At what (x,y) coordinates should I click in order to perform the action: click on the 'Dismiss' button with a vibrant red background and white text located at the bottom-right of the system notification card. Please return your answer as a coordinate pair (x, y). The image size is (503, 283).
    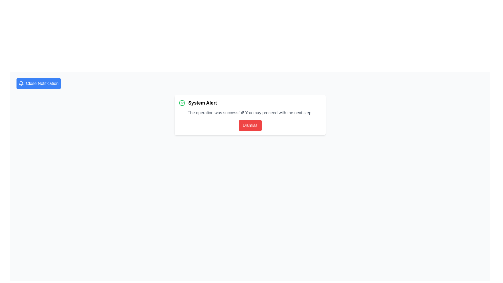
    Looking at the image, I should click on (250, 125).